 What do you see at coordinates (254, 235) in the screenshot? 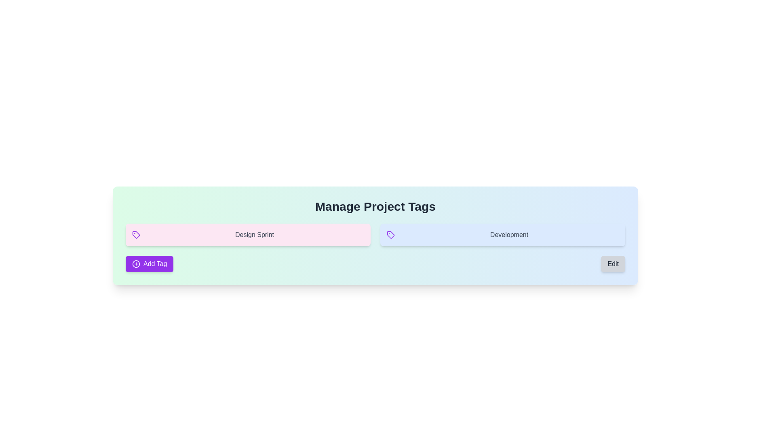
I see `the static text label that represents a specific tag or category, positioned to the right of the purple tag icon within the pink background` at bounding box center [254, 235].